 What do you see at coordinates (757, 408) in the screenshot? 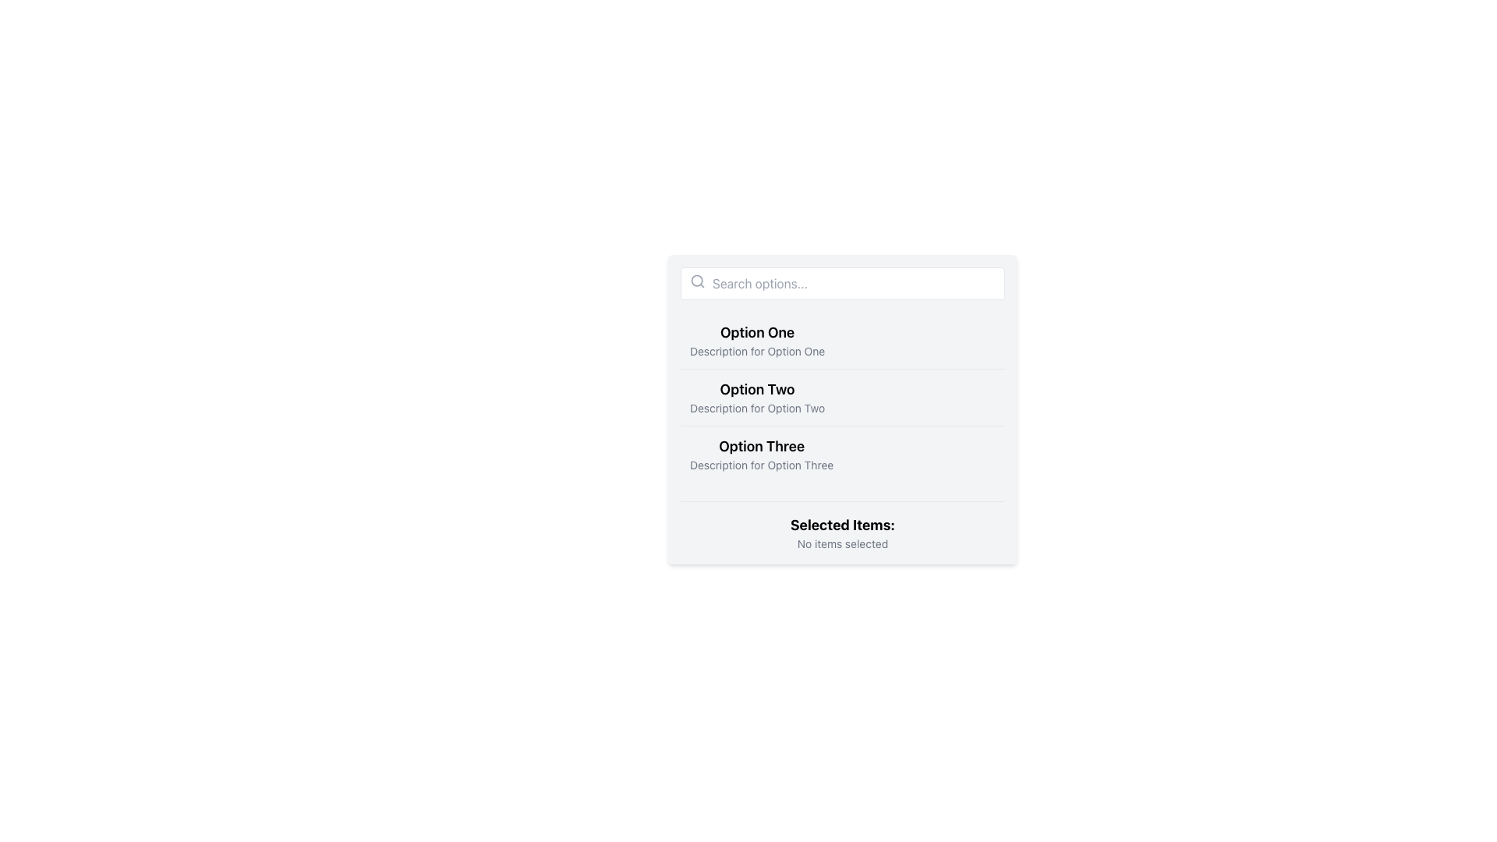
I see `the supplementary Text label that provides additional context for 'Option Two', which is located directly underneath the title in the center of the vertically arranged list` at bounding box center [757, 408].